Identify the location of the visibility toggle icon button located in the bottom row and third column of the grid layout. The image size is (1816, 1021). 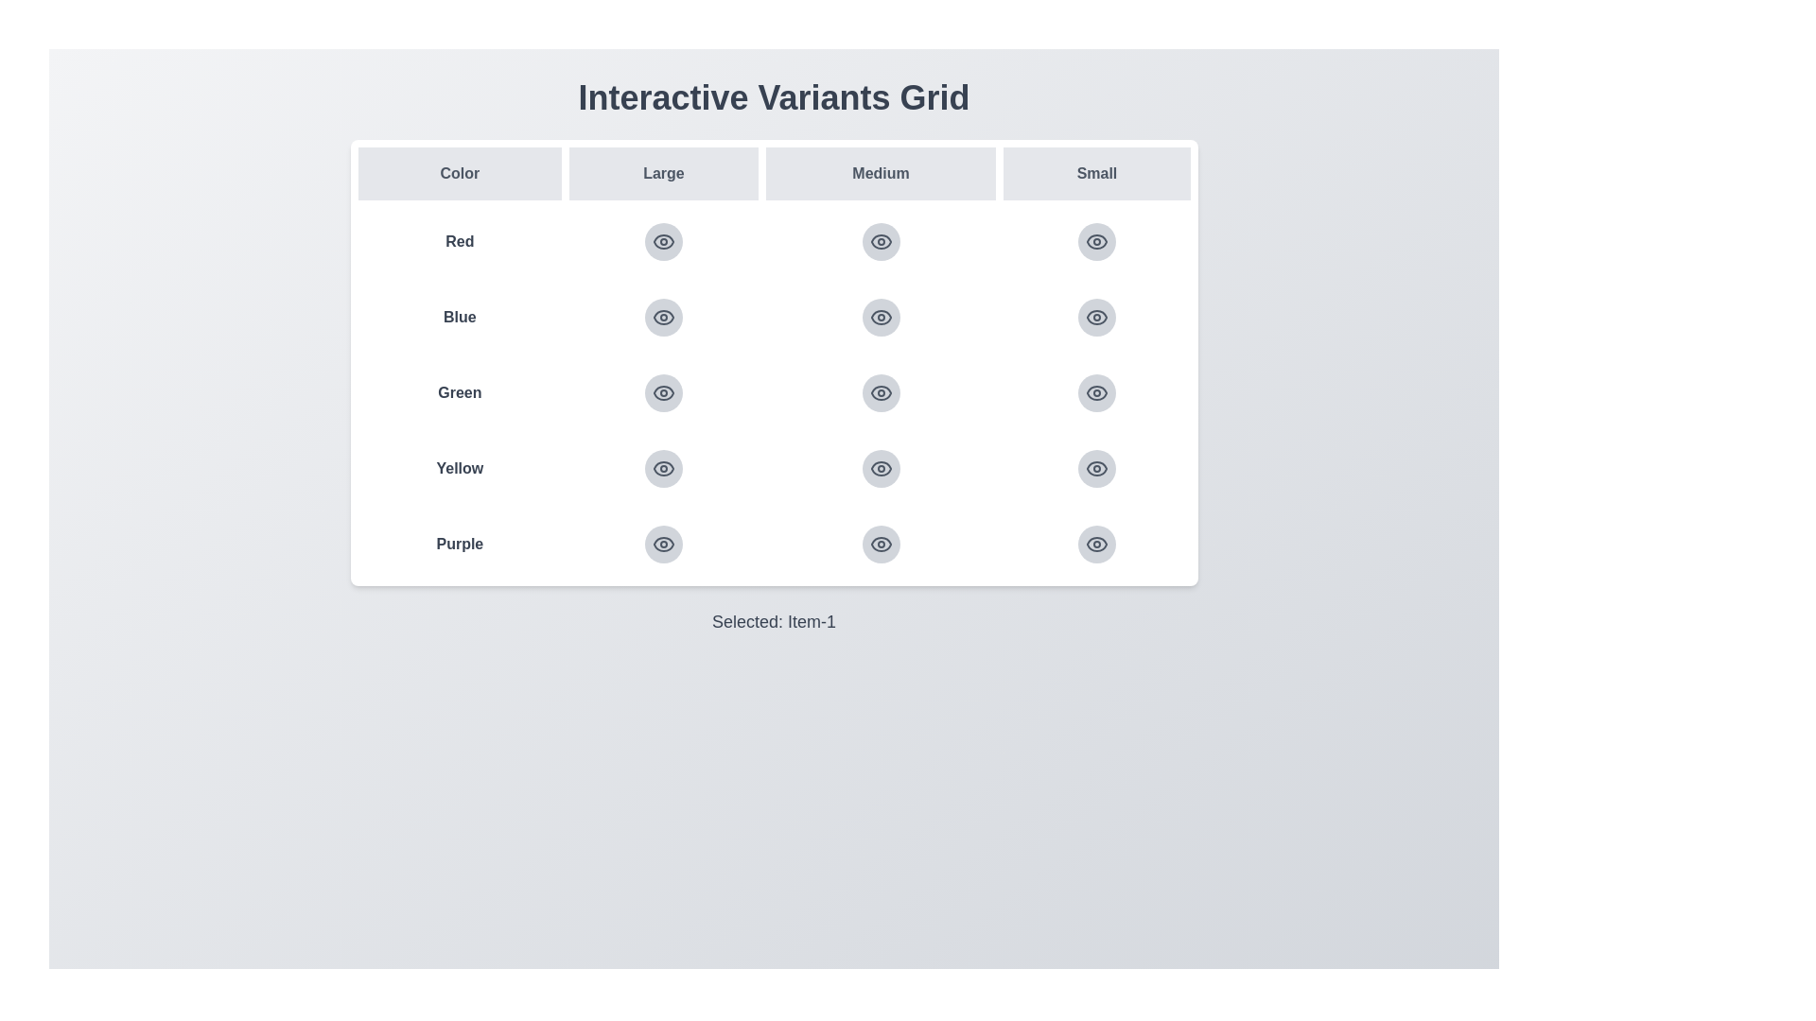
(1097, 468).